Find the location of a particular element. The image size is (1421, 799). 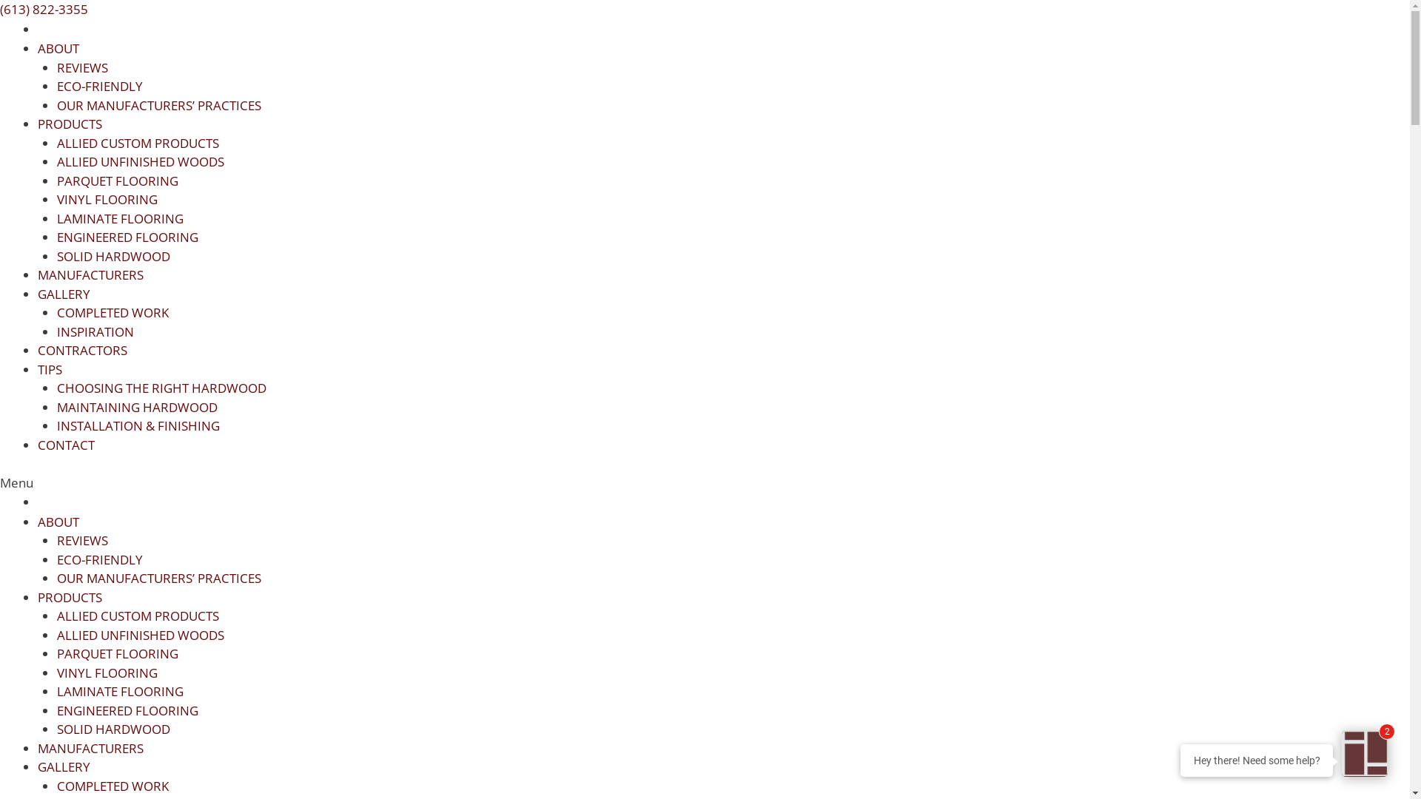

'ECO-FRIENDLY' is located at coordinates (98, 86).